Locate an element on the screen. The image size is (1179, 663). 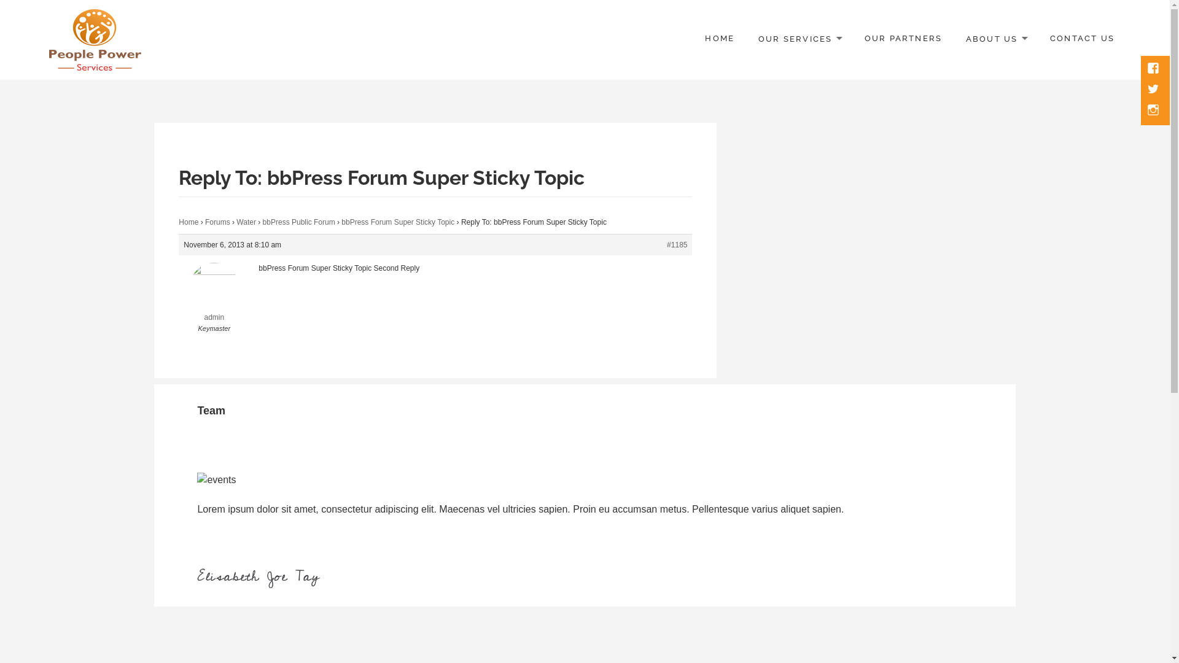
'Twitter' is located at coordinates (1154, 89).